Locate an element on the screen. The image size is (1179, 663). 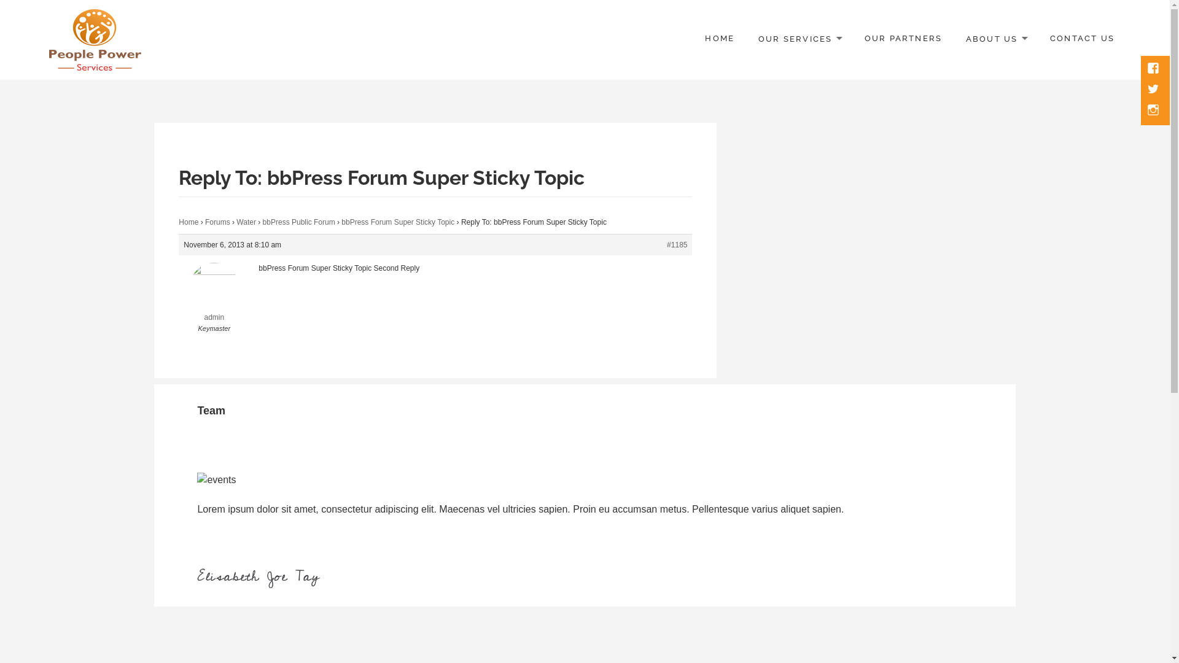
'Twitter' is located at coordinates (1154, 89).